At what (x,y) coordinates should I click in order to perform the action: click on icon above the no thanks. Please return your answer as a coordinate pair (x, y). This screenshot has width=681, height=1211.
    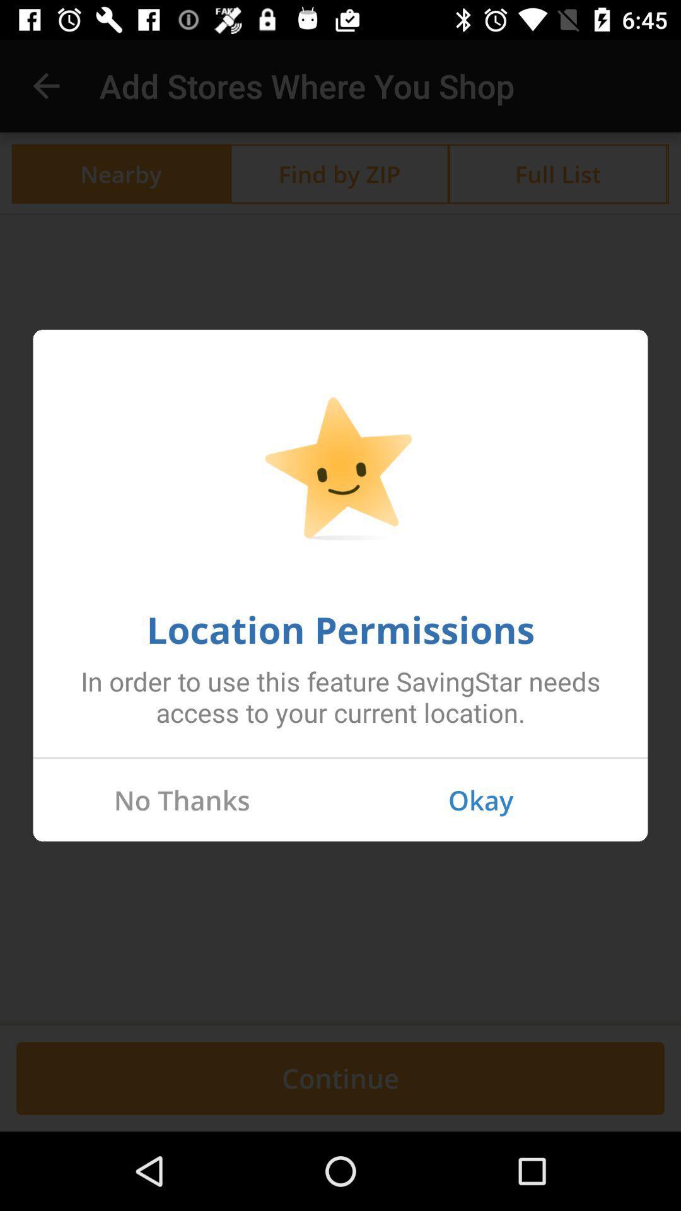
    Looking at the image, I should click on (340, 757).